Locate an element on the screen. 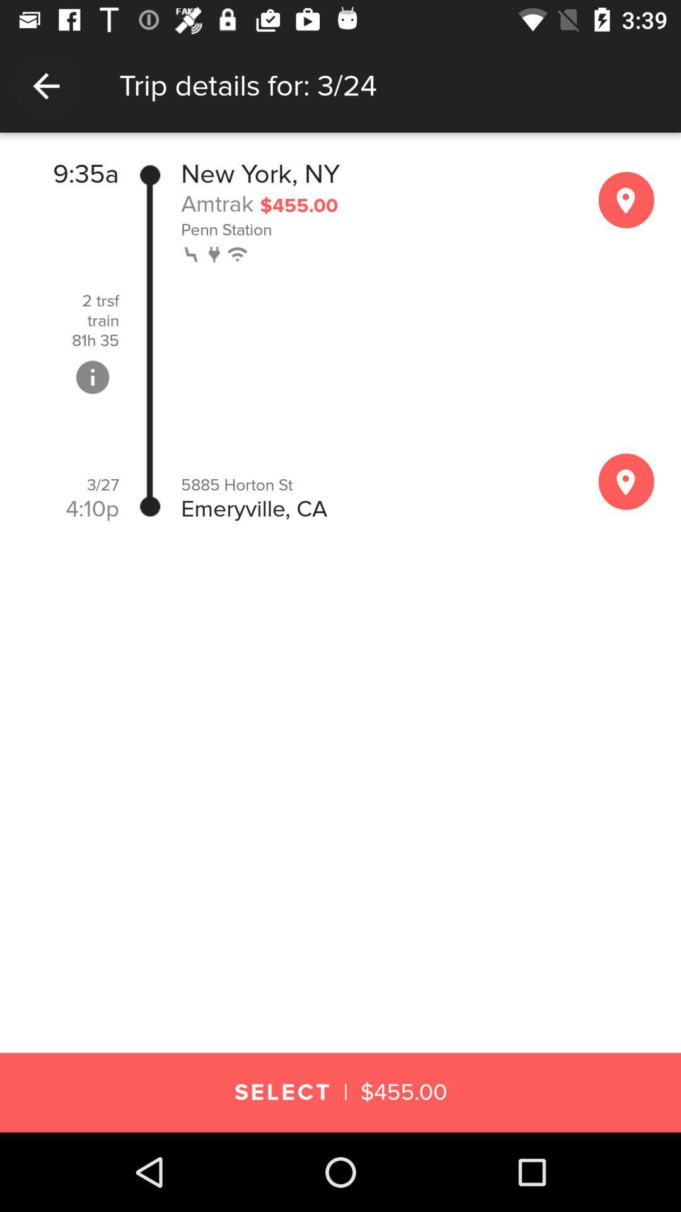  the emeryville, ca icon is located at coordinates (376, 509).